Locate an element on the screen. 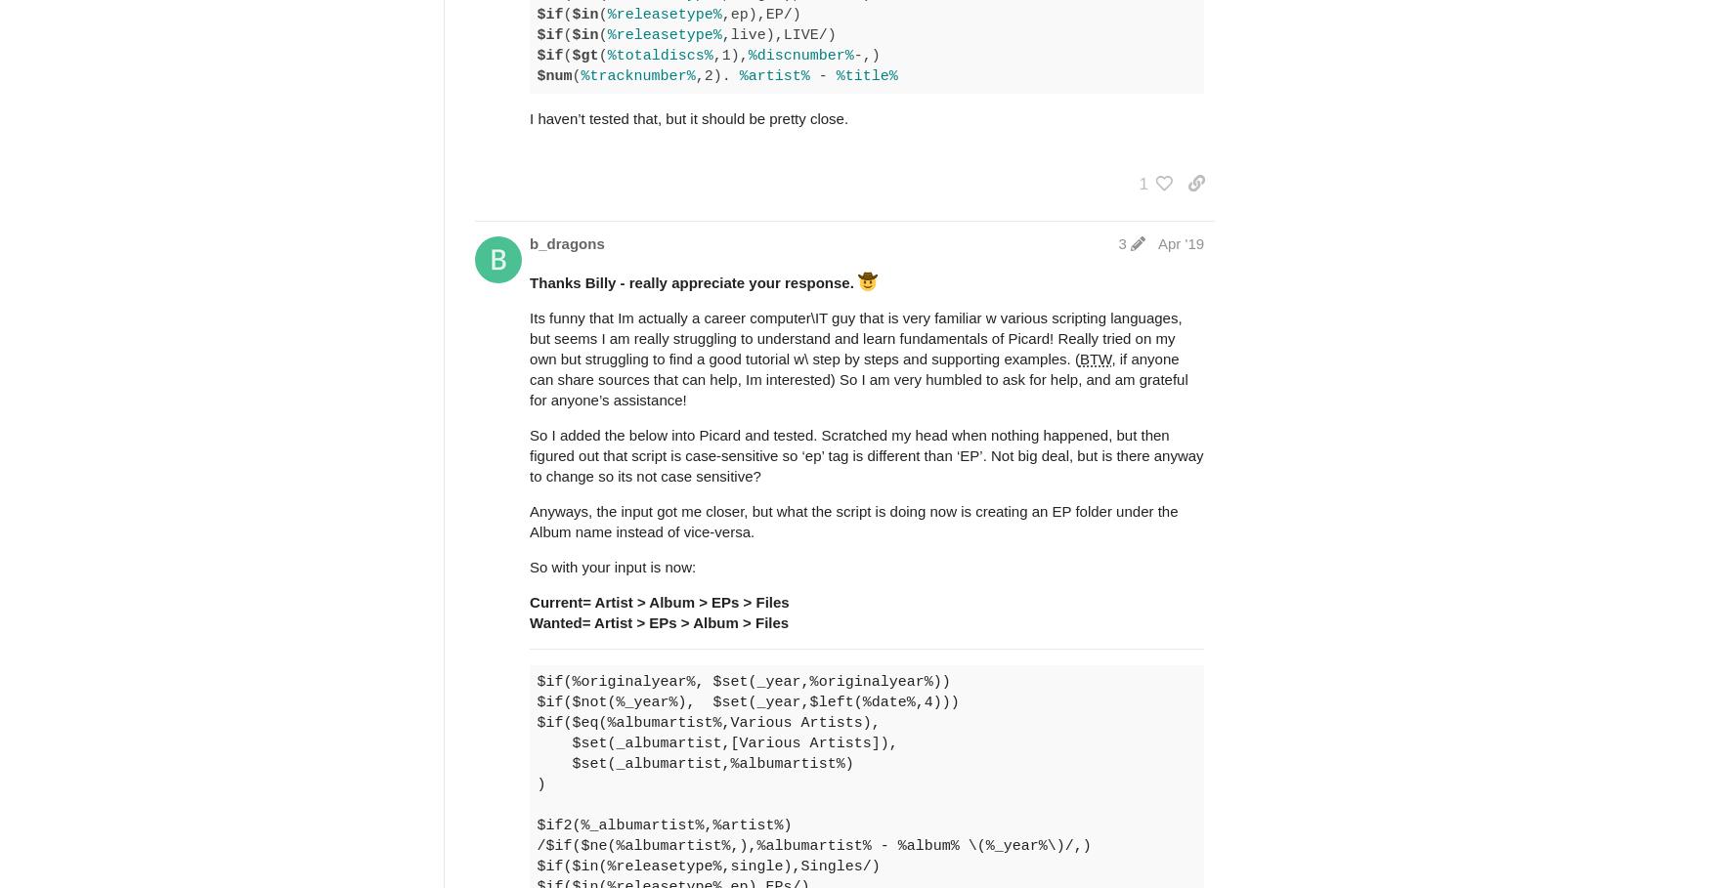 Image resolution: width=1725 pixels, height=888 pixels. ',1),' is located at coordinates (728, 55).